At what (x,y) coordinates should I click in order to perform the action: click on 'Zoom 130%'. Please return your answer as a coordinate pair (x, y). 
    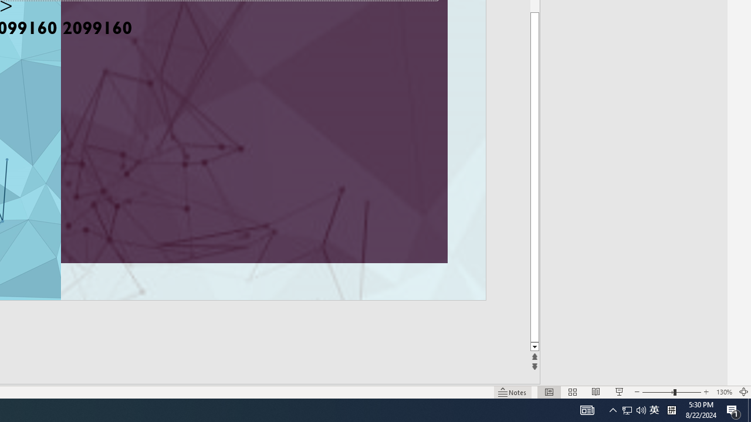
    Looking at the image, I should click on (723, 392).